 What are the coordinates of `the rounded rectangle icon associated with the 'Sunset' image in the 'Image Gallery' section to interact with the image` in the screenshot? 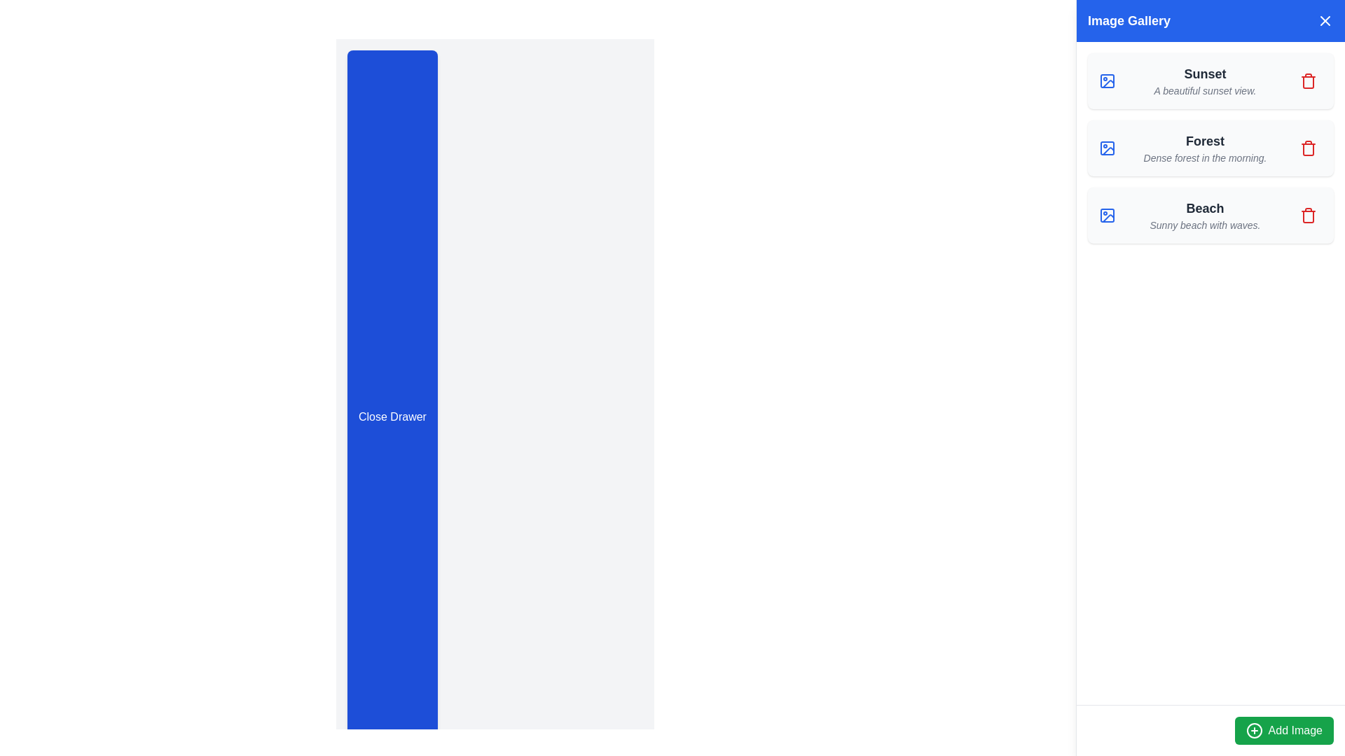 It's located at (1106, 80).